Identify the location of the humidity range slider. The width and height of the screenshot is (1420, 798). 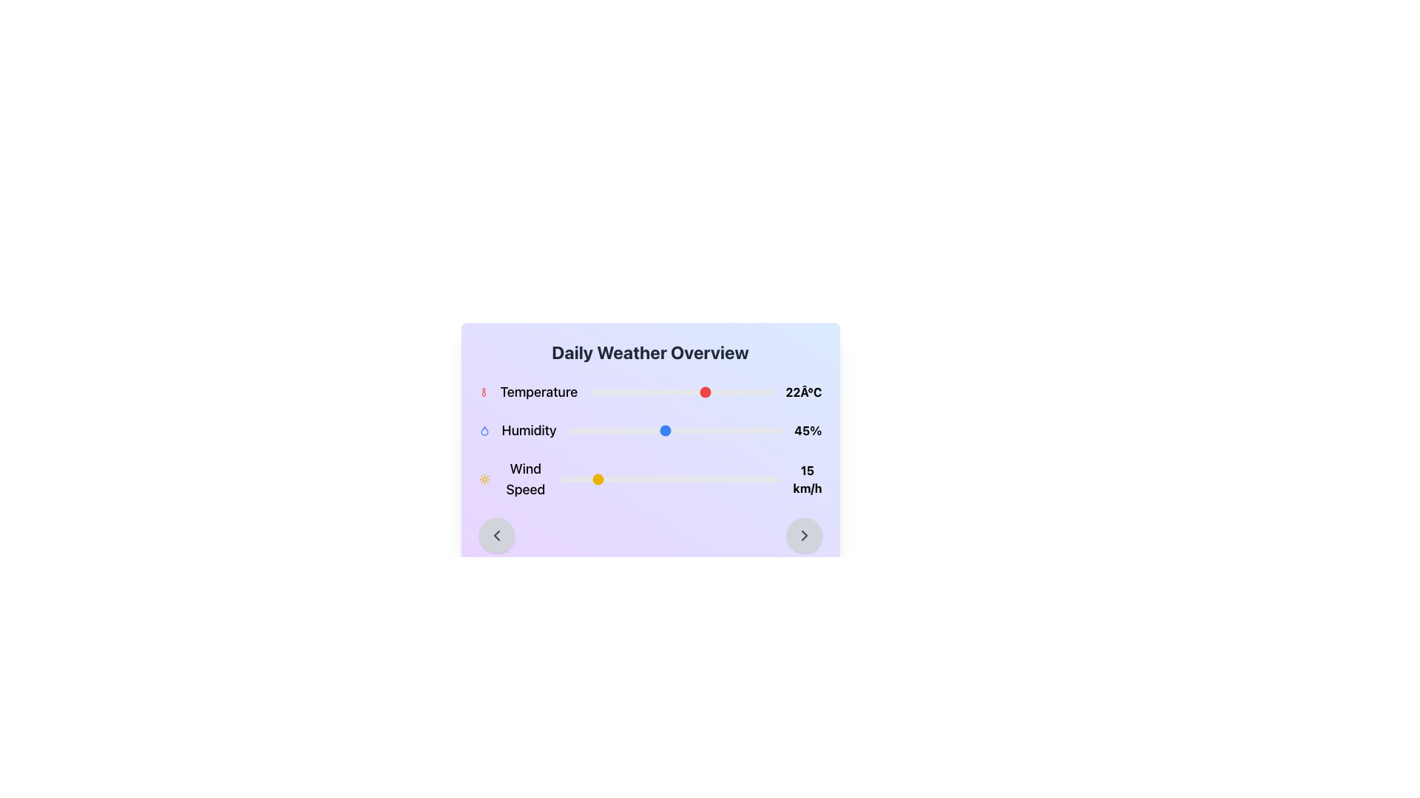
(650, 430).